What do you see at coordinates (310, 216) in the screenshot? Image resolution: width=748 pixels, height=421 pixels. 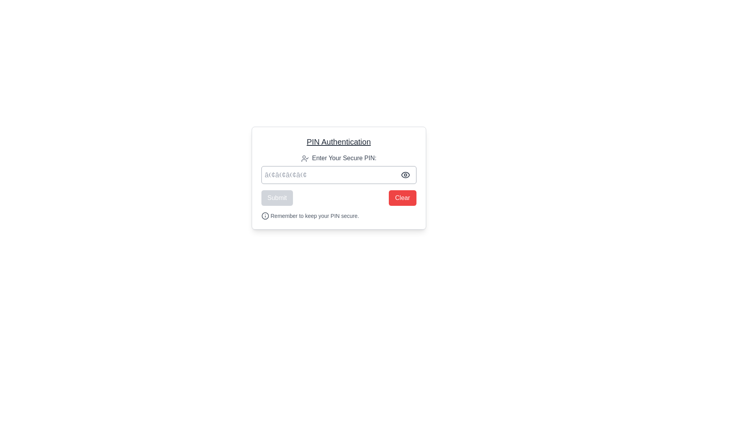 I see `the text label with the message 'Remember to keep your PIN secure.' which includes an information icon, located near the bottom of the modal dialog` at bounding box center [310, 216].